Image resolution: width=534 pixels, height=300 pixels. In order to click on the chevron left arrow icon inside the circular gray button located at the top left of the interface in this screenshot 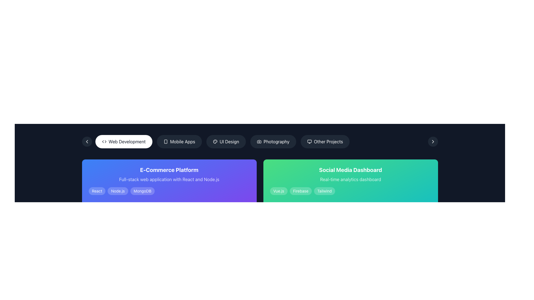, I will do `click(86, 141)`.